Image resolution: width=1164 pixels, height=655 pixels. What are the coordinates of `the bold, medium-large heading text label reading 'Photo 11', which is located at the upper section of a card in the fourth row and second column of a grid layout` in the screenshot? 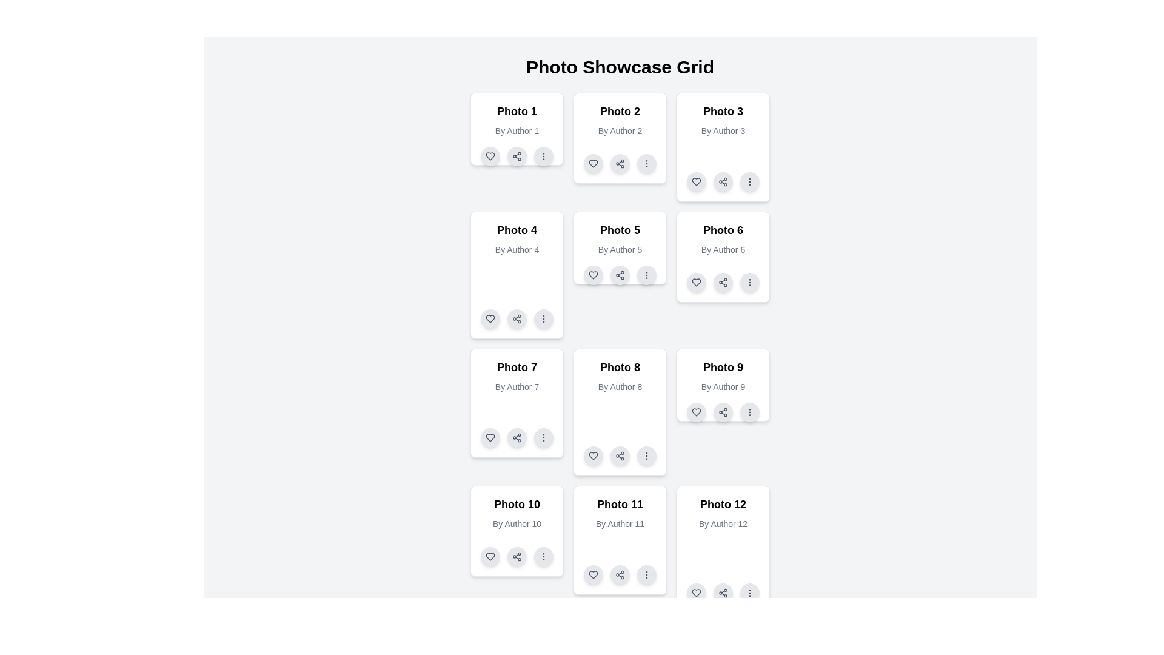 It's located at (620, 505).